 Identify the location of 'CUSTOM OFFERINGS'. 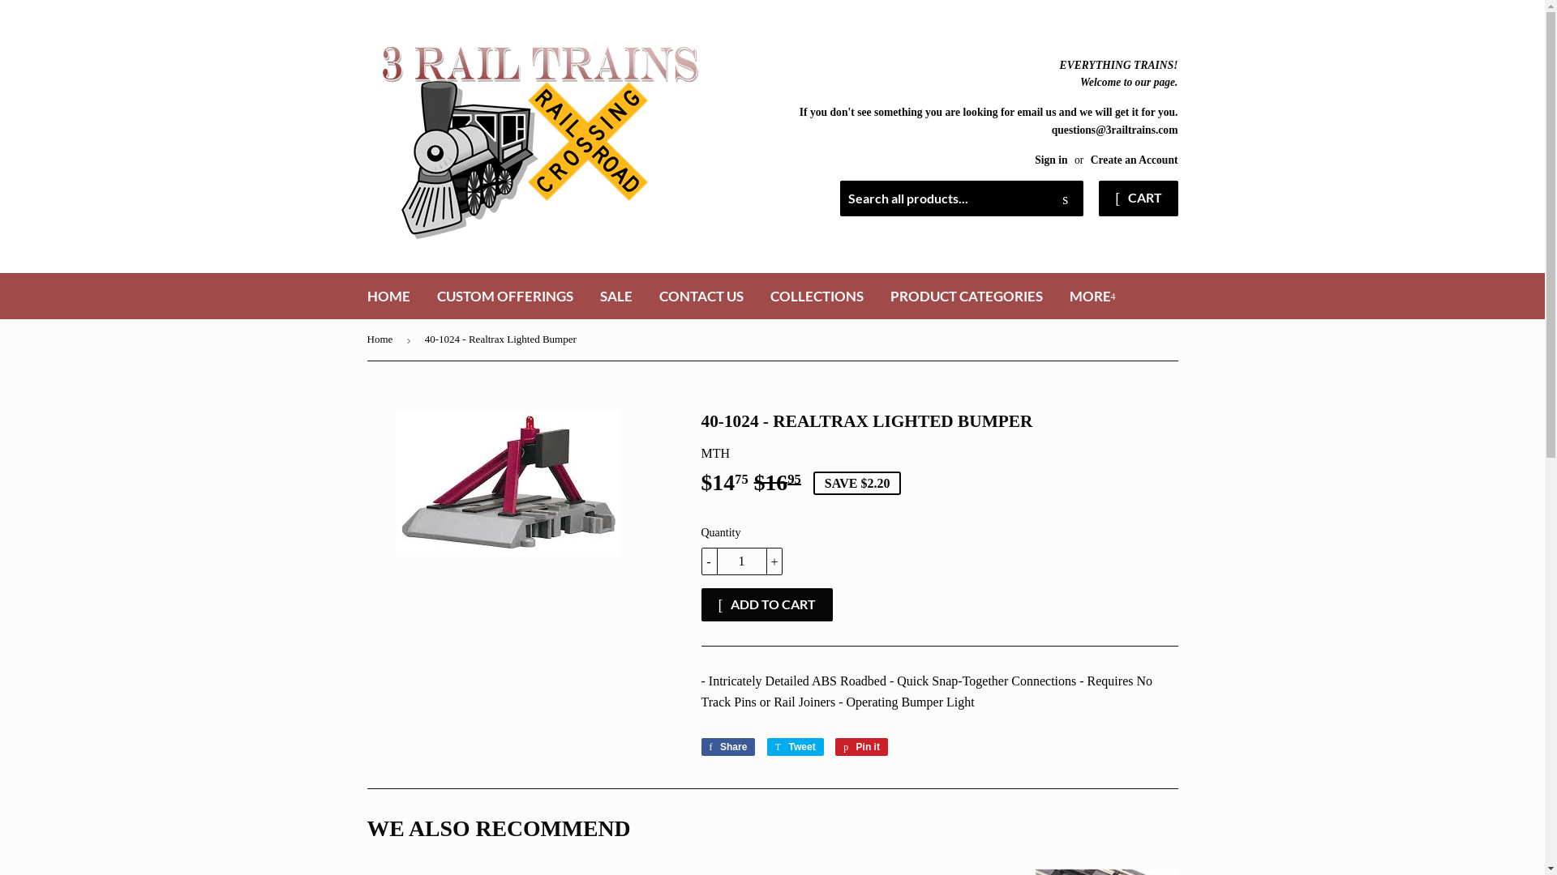
(504, 296).